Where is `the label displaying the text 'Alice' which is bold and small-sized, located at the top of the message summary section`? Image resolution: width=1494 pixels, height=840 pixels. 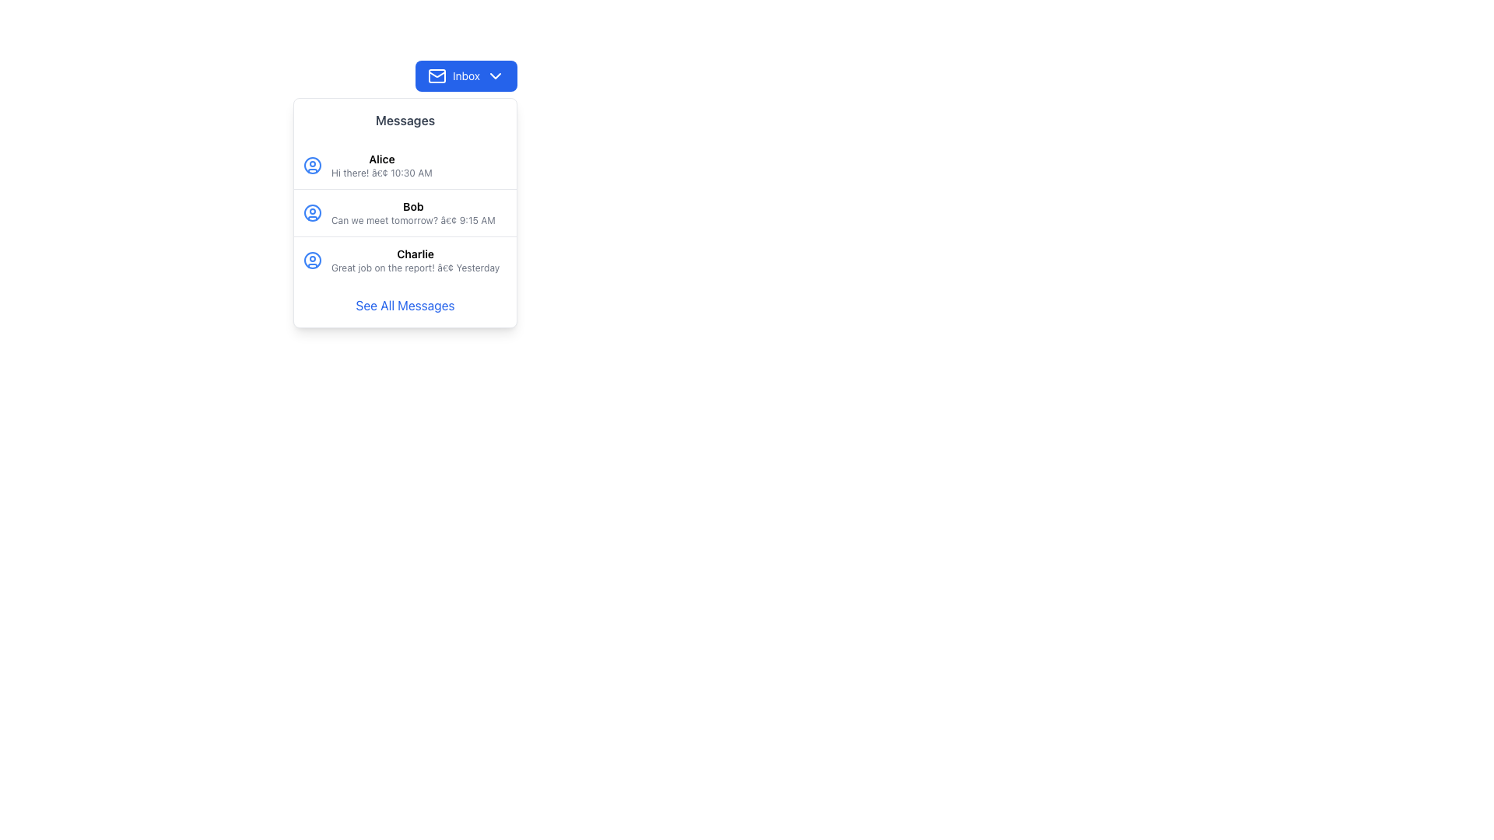 the label displaying the text 'Alice' which is bold and small-sized, located at the top of the message summary section is located at coordinates (381, 159).